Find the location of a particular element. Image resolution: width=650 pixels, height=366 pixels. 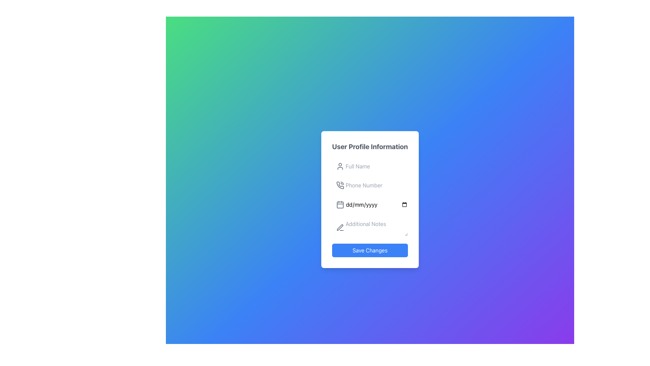

the small light gray pen icon located to the left of the 'Additional Notes' text field in the user profile information form is located at coordinates (340, 227).